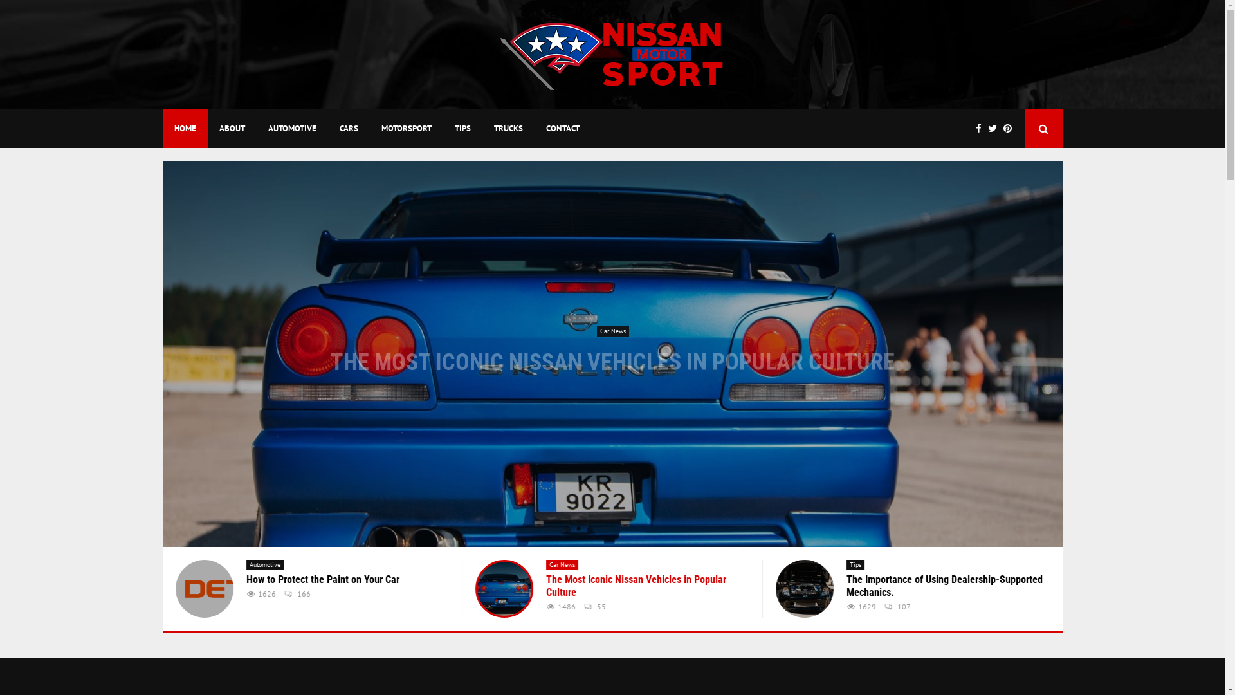 This screenshot has height=695, width=1235. Describe the element at coordinates (462, 129) in the screenshot. I see `'TIPS'` at that location.